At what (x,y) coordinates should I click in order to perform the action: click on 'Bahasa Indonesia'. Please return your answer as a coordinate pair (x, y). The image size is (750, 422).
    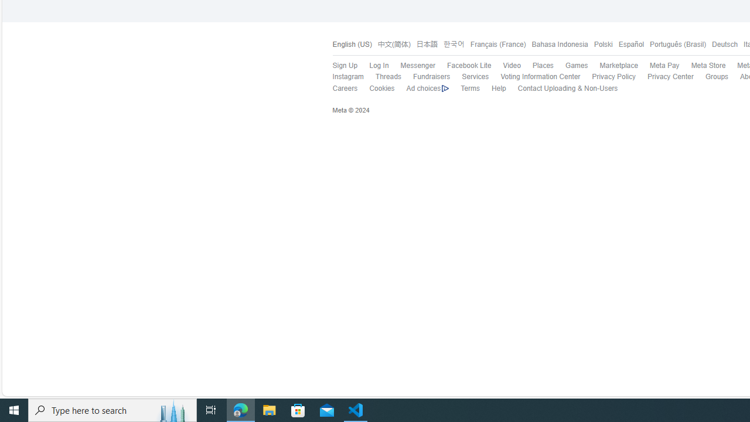
    Looking at the image, I should click on (559, 44).